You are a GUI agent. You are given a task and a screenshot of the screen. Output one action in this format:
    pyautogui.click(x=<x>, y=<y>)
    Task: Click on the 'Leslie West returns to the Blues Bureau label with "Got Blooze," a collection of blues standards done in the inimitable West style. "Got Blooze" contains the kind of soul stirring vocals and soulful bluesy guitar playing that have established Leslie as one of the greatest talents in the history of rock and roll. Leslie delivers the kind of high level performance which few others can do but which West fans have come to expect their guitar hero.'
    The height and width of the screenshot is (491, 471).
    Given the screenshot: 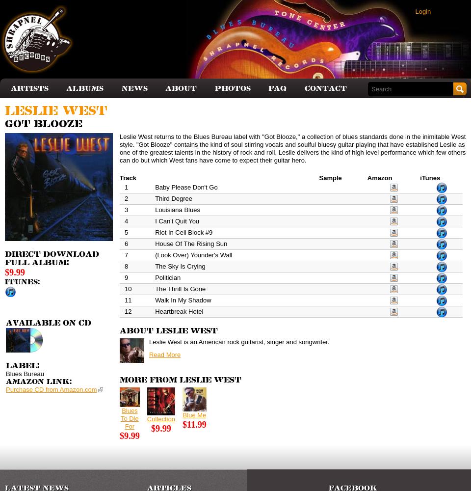 What is the action you would take?
    pyautogui.click(x=292, y=148)
    